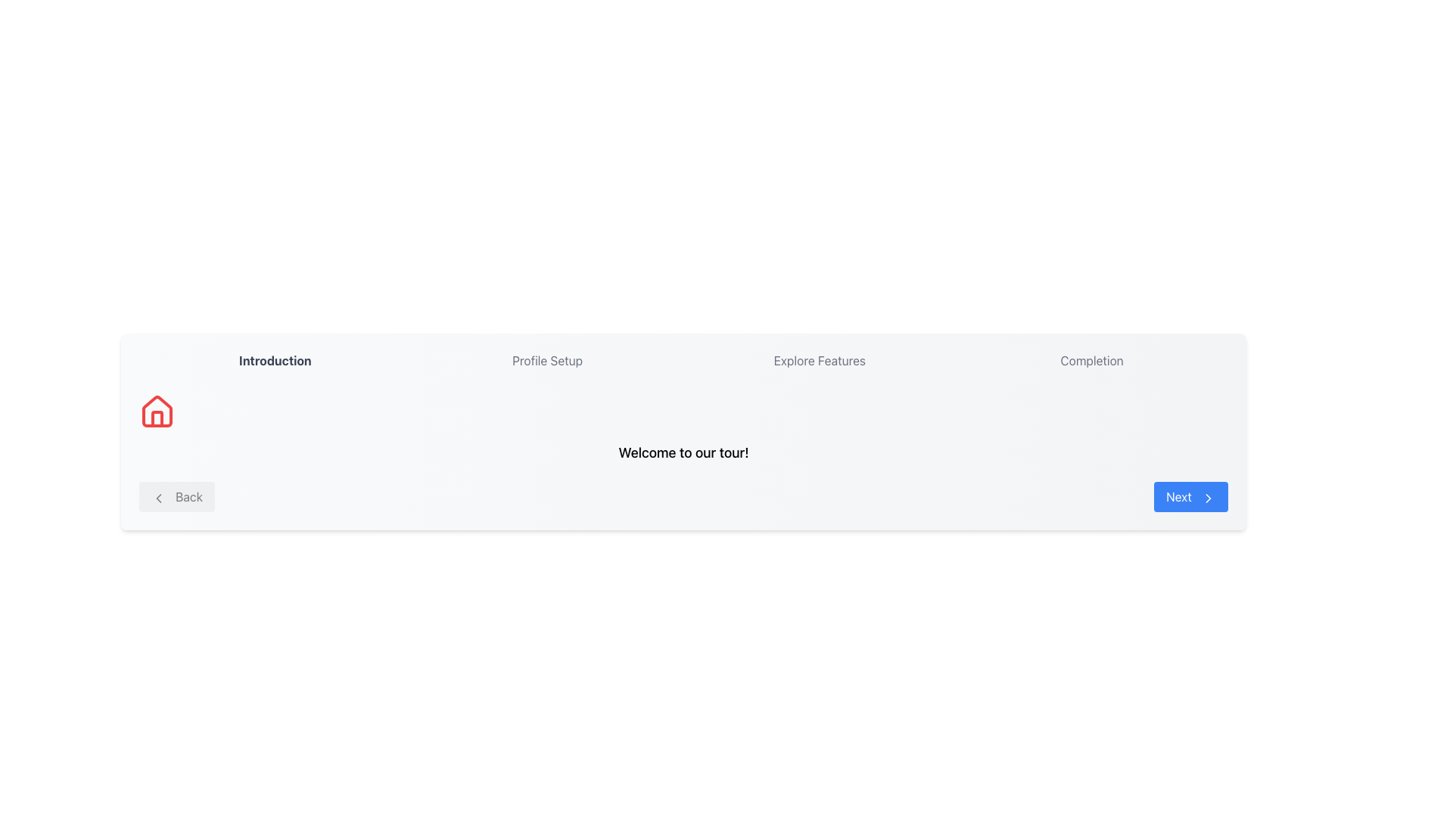  I want to click on the decorative SVG Icon representing 'home' located in the left section of the interface, positioned above the 'Back' button and below the 'Introduction' title, so click(157, 412).